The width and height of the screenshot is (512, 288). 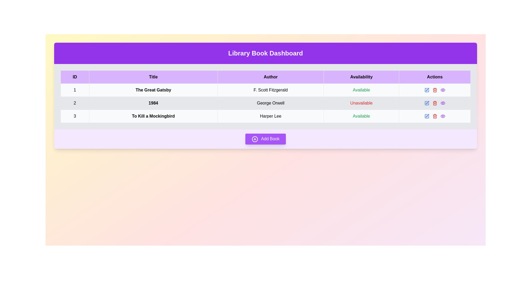 I want to click on the pen icon button in the Actions column of the last row for the book 'To Kill a Mockingbird', so click(x=427, y=115).